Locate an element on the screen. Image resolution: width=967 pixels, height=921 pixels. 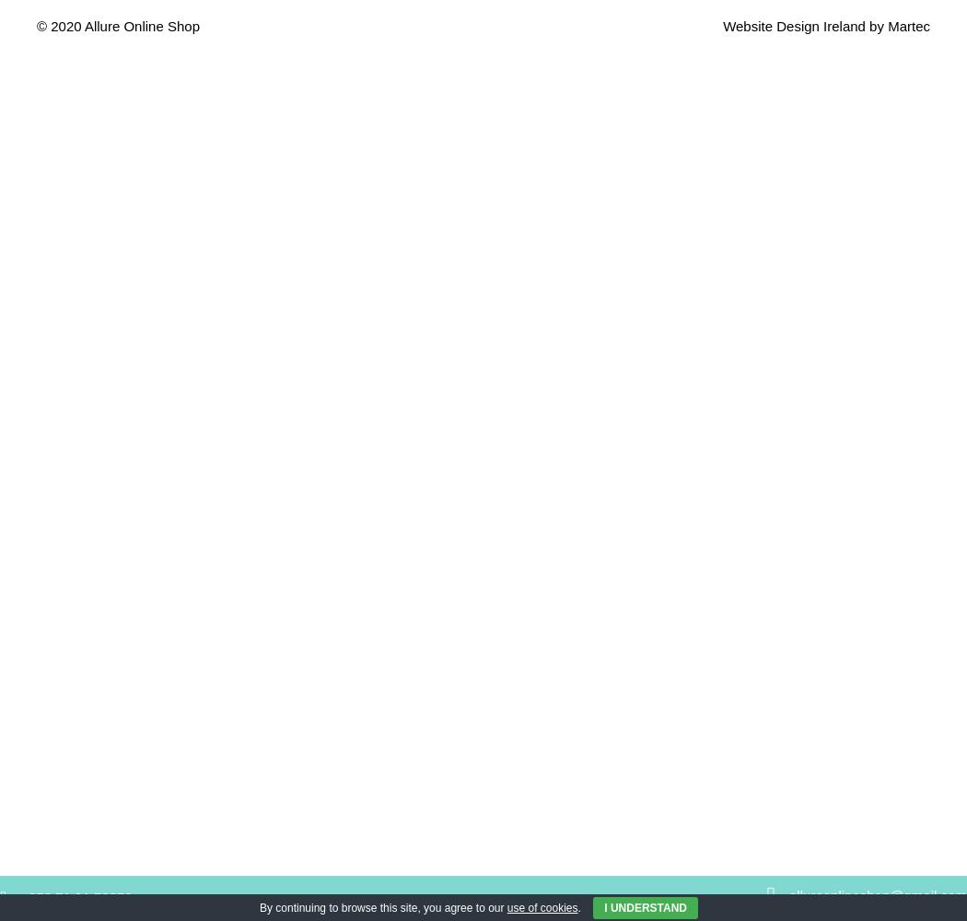
'By continuing to browse this site, you agree to our' is located at coordinates (382, 907).